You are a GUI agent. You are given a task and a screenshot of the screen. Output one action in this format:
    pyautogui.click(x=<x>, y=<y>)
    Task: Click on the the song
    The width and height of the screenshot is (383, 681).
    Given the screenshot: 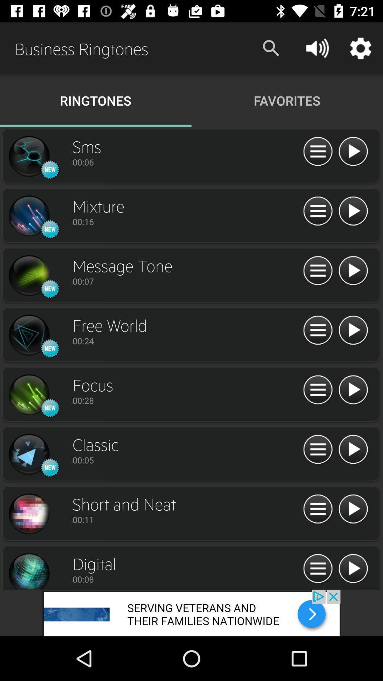 What is the action you would take?
    pyautogui.click(x=353, y=449)
    